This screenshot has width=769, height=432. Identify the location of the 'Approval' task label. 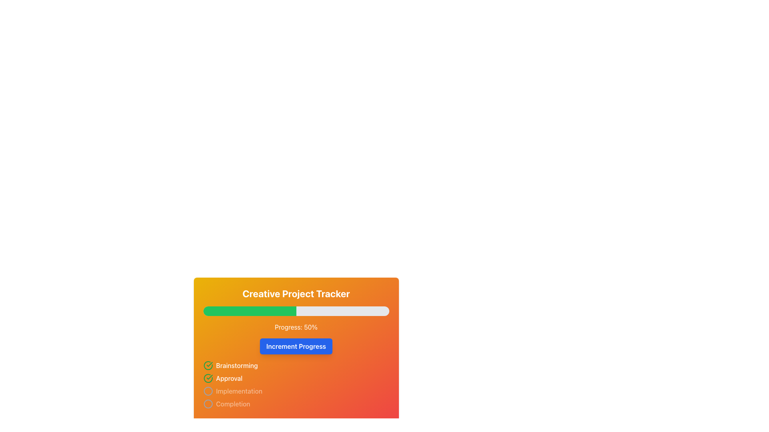
(229, 378).